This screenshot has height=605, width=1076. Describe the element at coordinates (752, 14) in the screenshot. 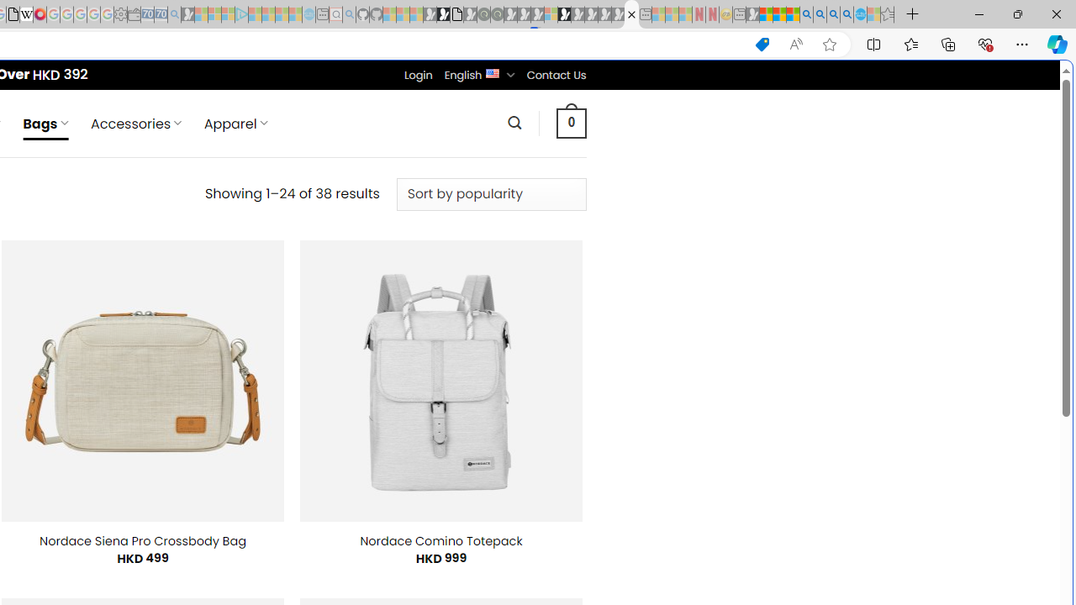

I see `'MSN - Sleeping'` at that location.